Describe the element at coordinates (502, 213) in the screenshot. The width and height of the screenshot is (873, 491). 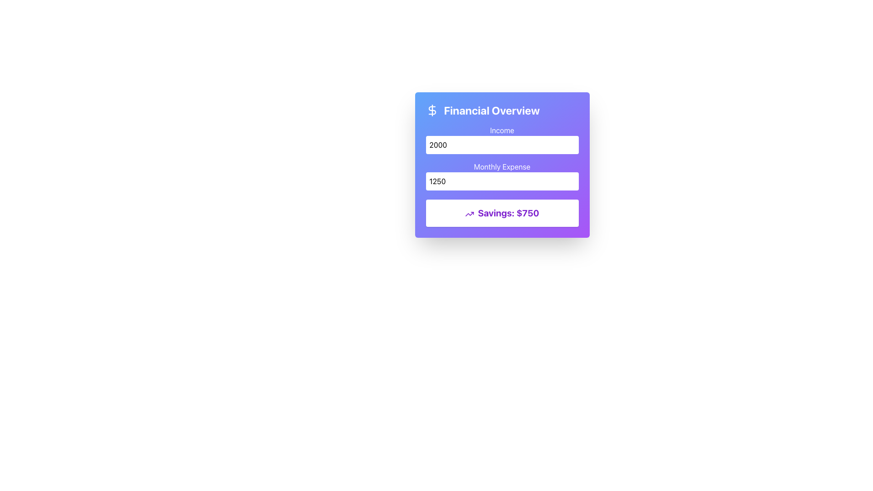
I see `the static text label displaying 'Savings: $750' with a purple color and an upward trend arrow icon, which is centered below the 'Income' and 'Monthly Expense' fields` at that location.